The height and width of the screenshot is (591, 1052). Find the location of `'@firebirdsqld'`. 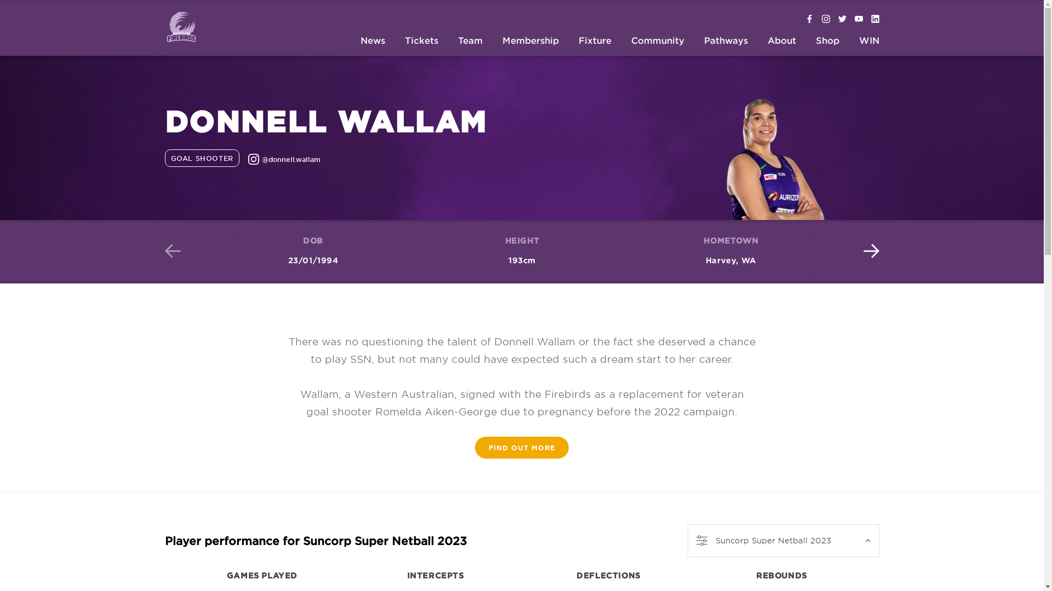

'@firebirdsqld' is located at coordinates (838, 19).